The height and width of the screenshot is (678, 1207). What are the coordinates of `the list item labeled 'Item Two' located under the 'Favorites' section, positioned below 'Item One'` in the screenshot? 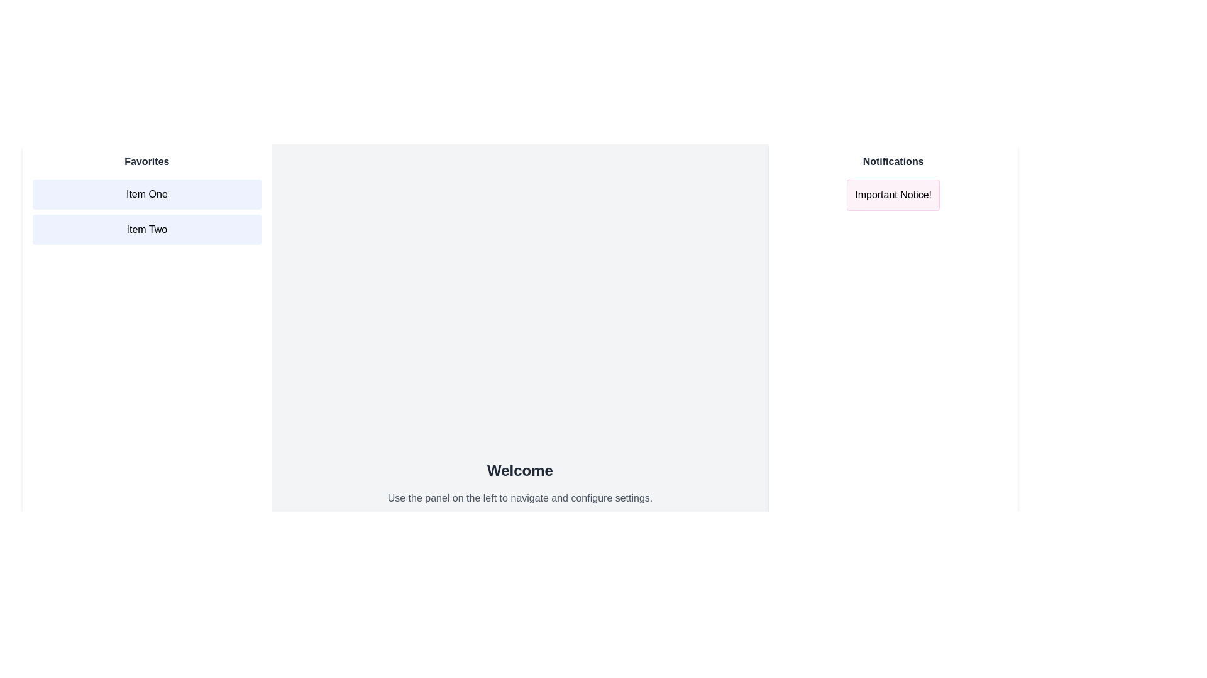 It's located at (146, 230).